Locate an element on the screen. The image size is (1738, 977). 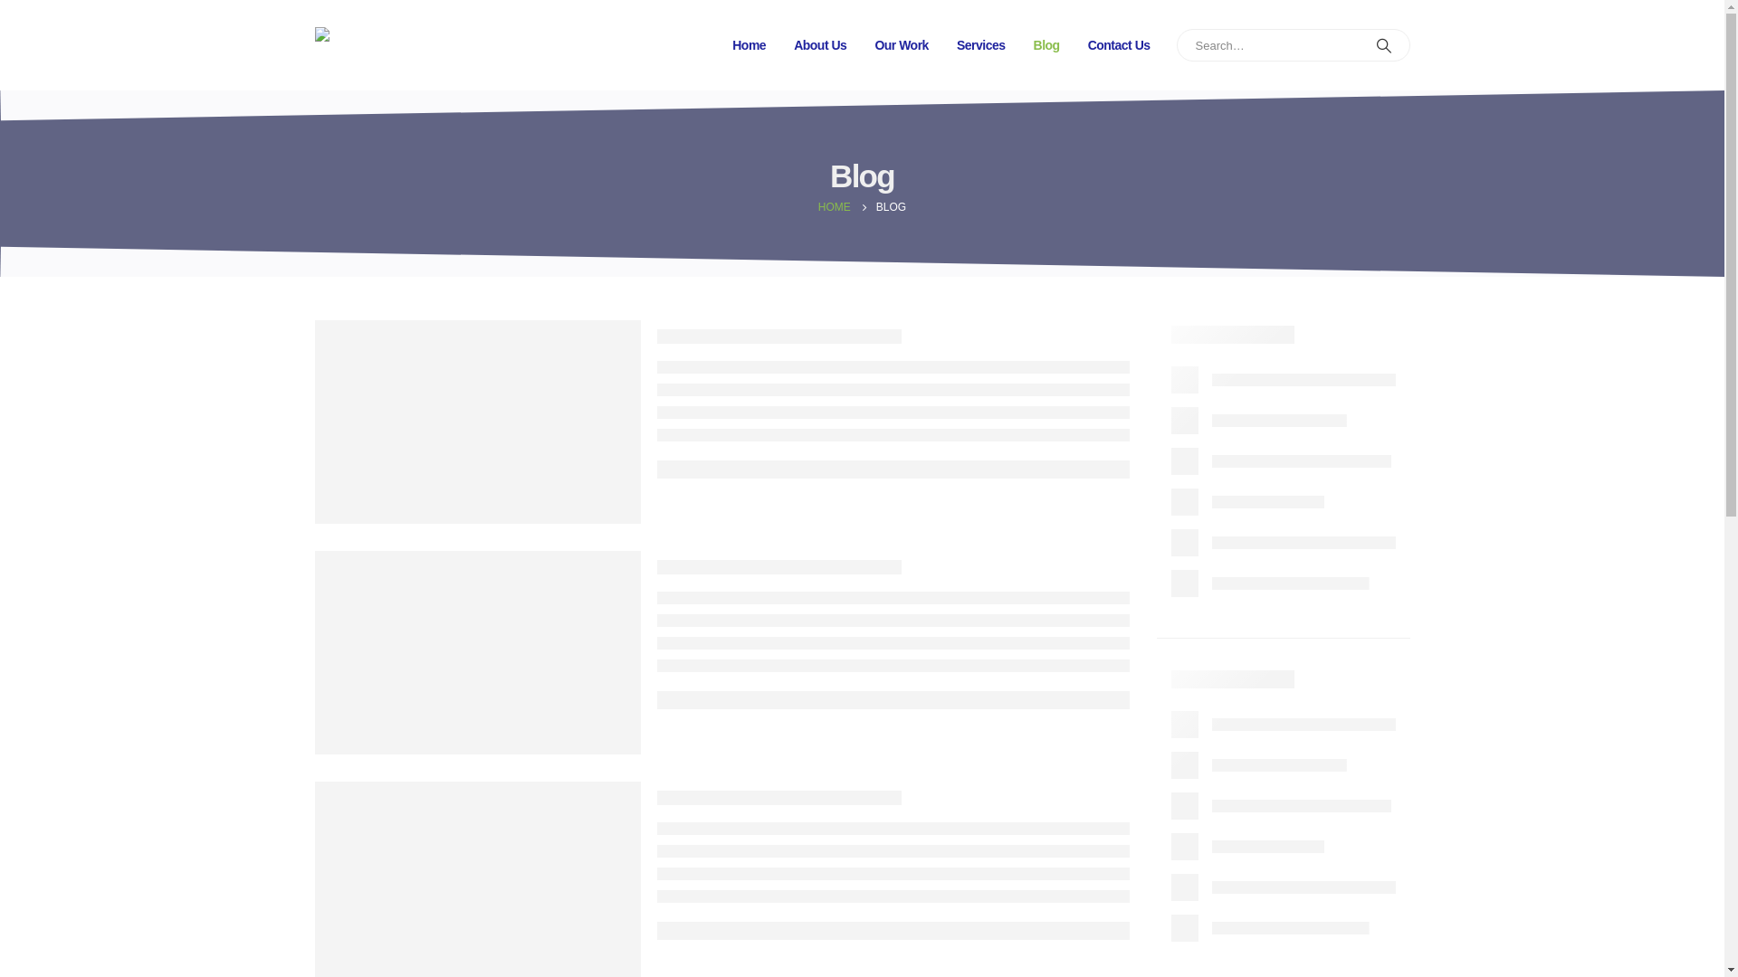
'Majestic Pools - Most Awarded Brisbane Pool Builders' is located at coordinates (314, 44).